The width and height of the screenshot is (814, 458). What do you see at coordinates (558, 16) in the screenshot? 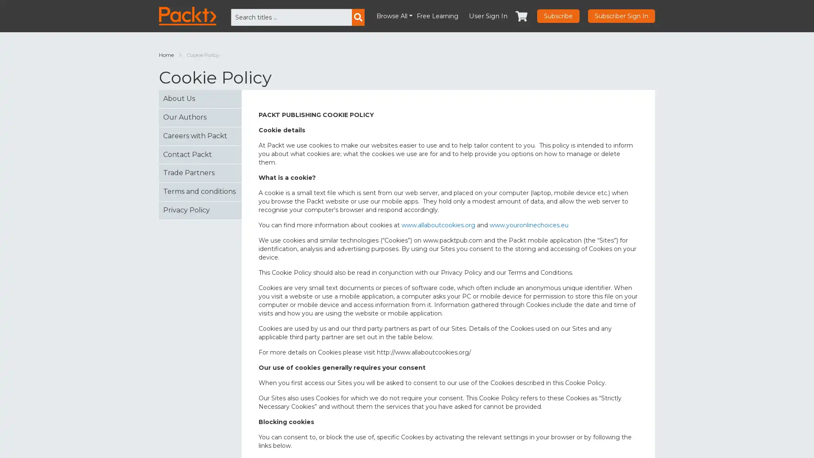
I see `Subscribe` at bounding box center [558, 16].